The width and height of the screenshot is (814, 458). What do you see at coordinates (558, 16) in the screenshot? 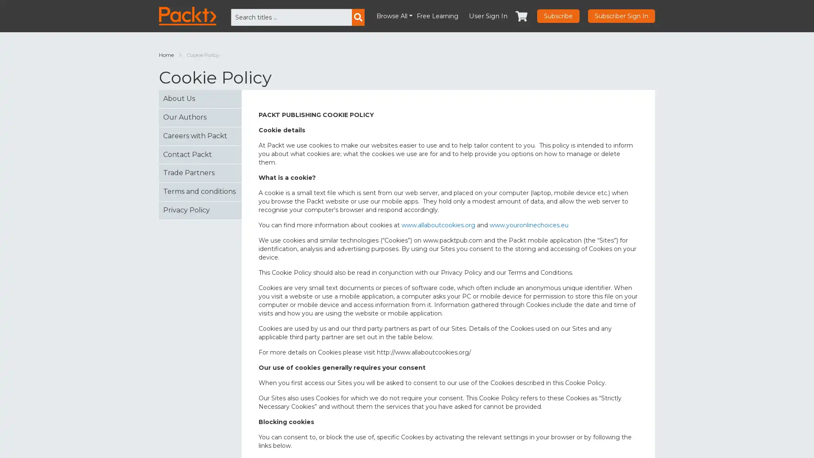
I see `Subscribe` at bounding box center [558, 16].